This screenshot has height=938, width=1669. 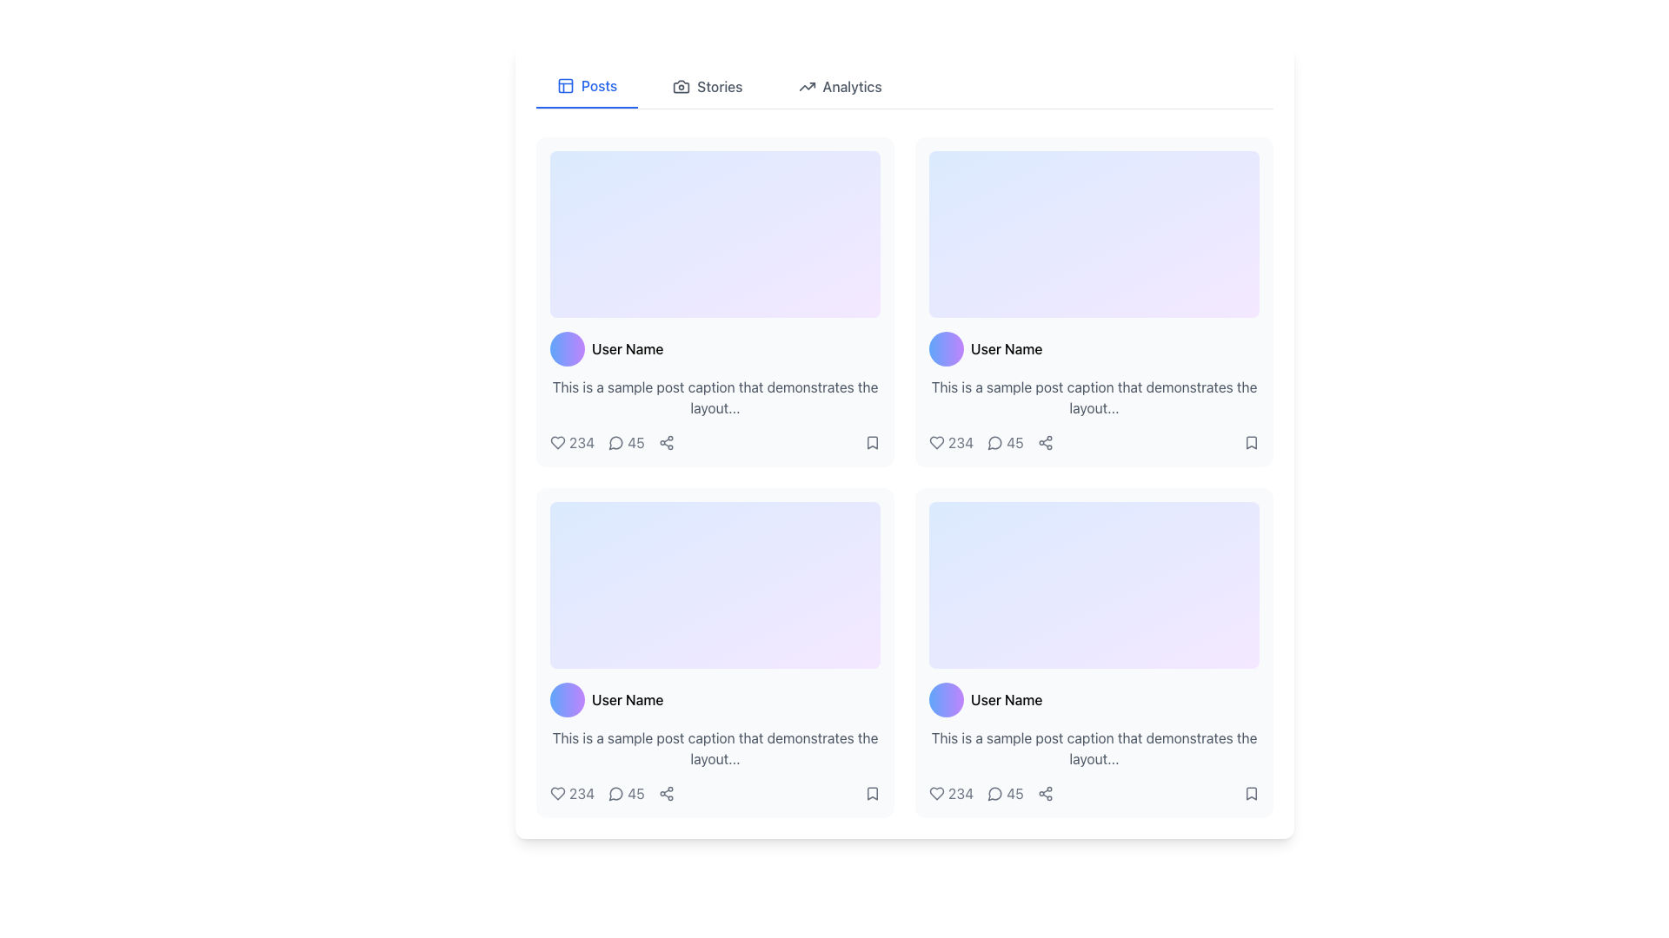 What do you see at coordinates (615, 794) in the screenshot?
I see `the circular comment icon with a speech bubble design located at the bottom section of the content card` at bounding box center [615, 794].